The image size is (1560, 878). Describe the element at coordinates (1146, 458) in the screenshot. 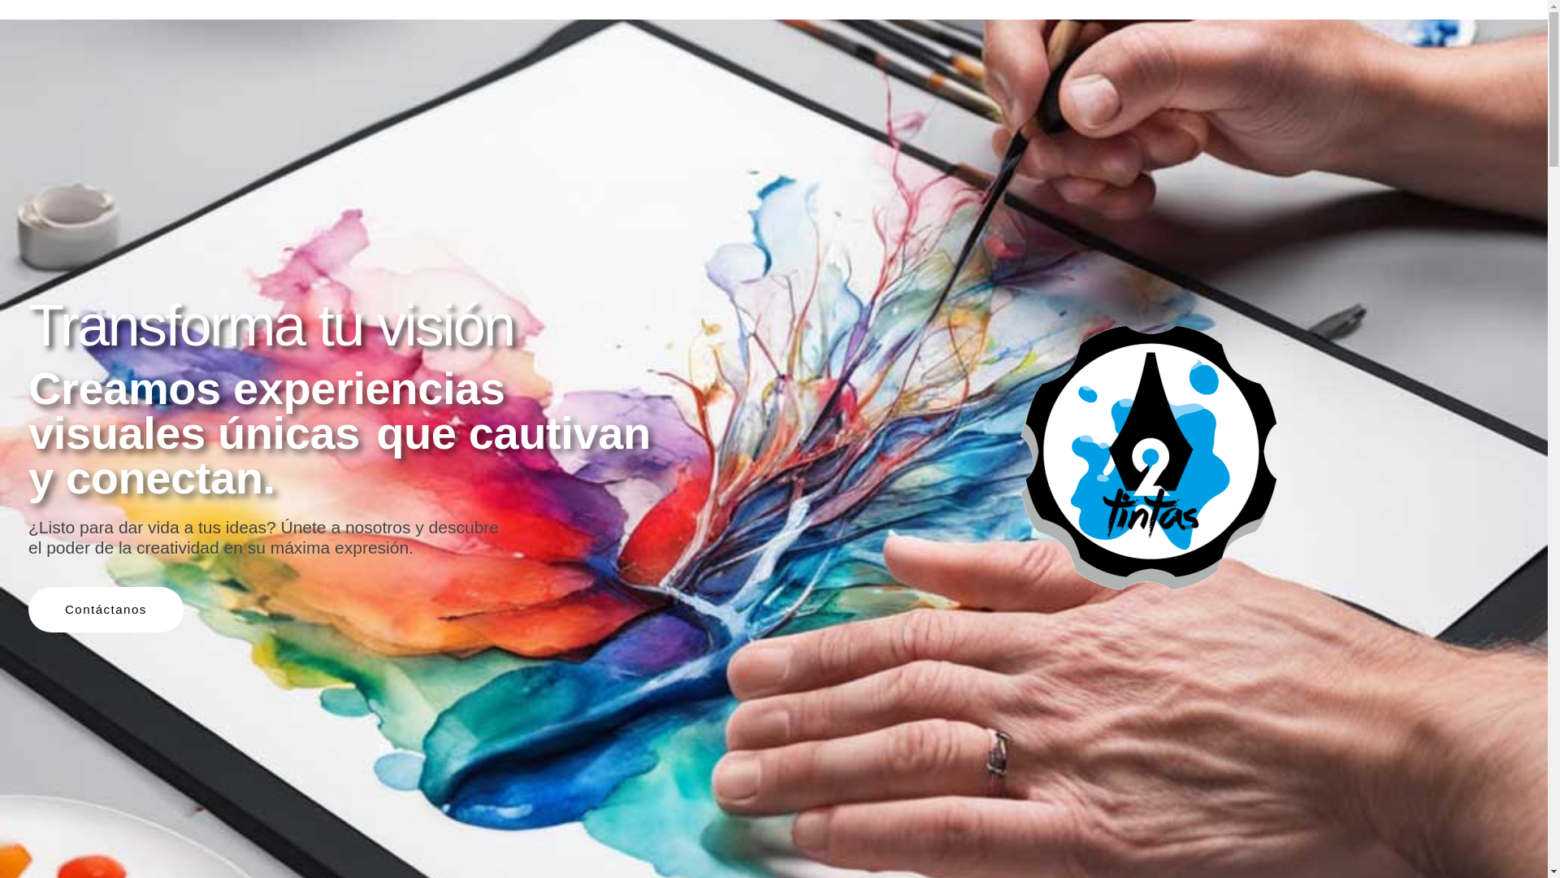

I see `'2tintas'` at that location.